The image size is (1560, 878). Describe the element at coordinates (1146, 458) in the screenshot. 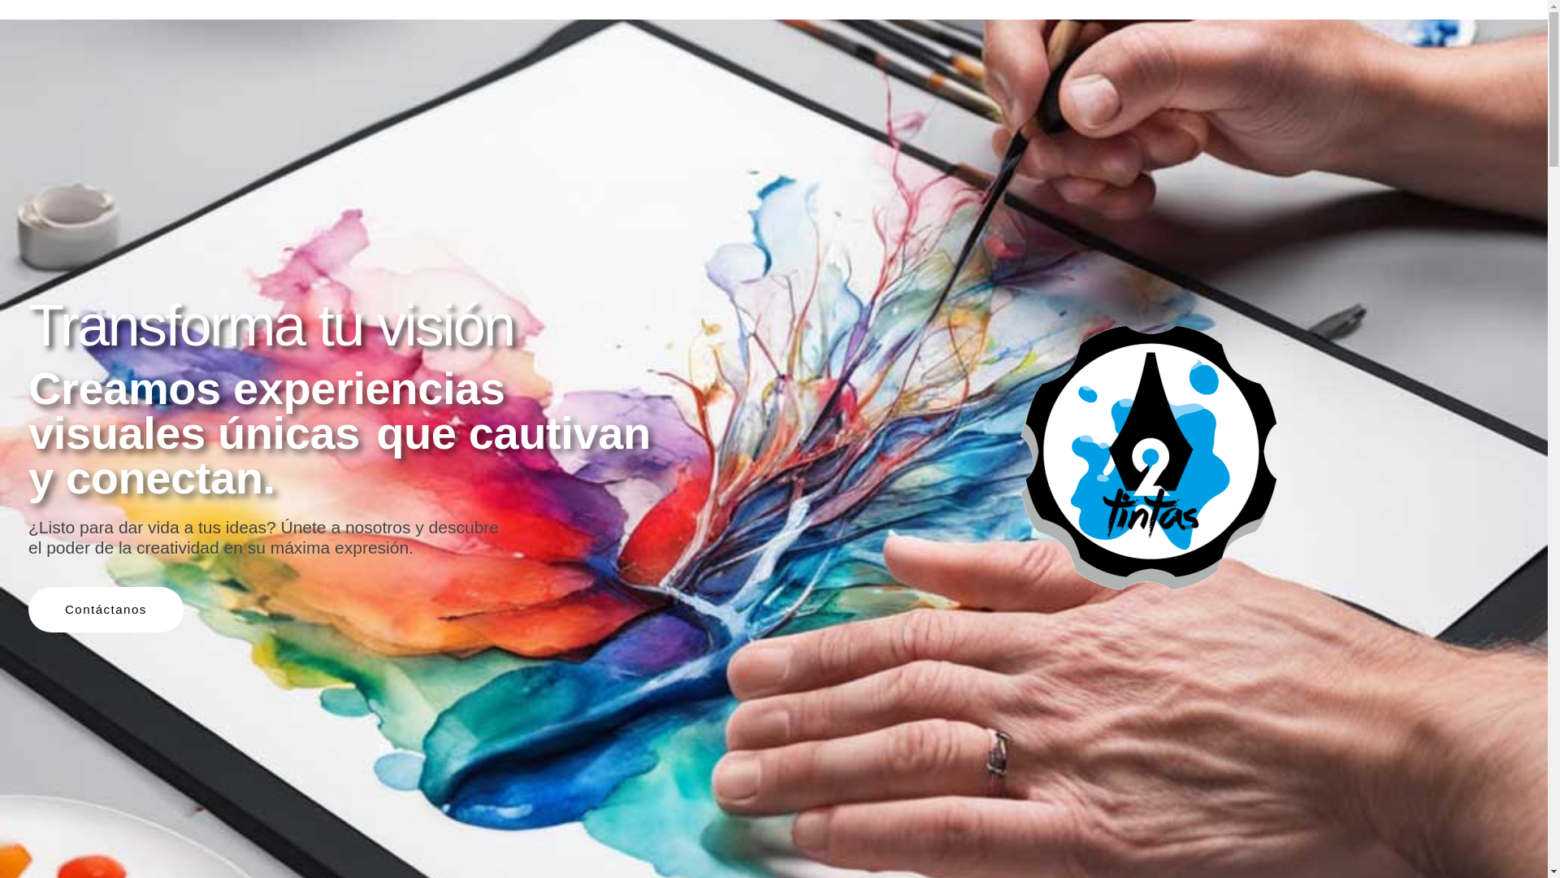

I see `'2tintas'` at that location.